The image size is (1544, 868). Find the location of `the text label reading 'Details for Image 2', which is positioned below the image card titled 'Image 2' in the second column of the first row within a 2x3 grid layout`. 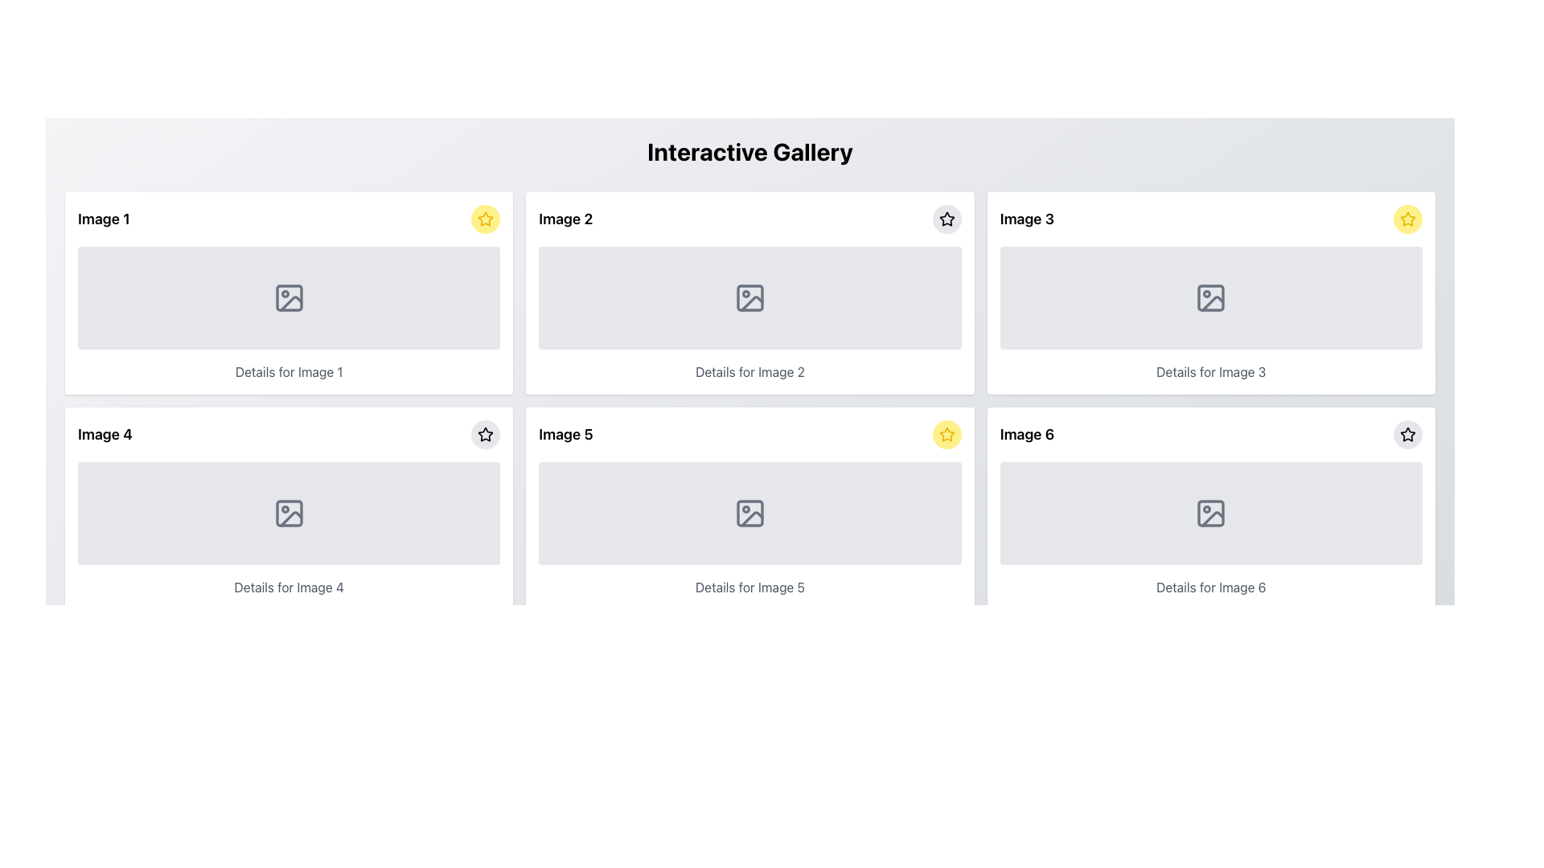

the text label reading 'Details for Image 2', which is positioned below the image card titled 'Image 2' in the second column of the first row within a 2x3 grid layout is located at coordinates (749, 371).